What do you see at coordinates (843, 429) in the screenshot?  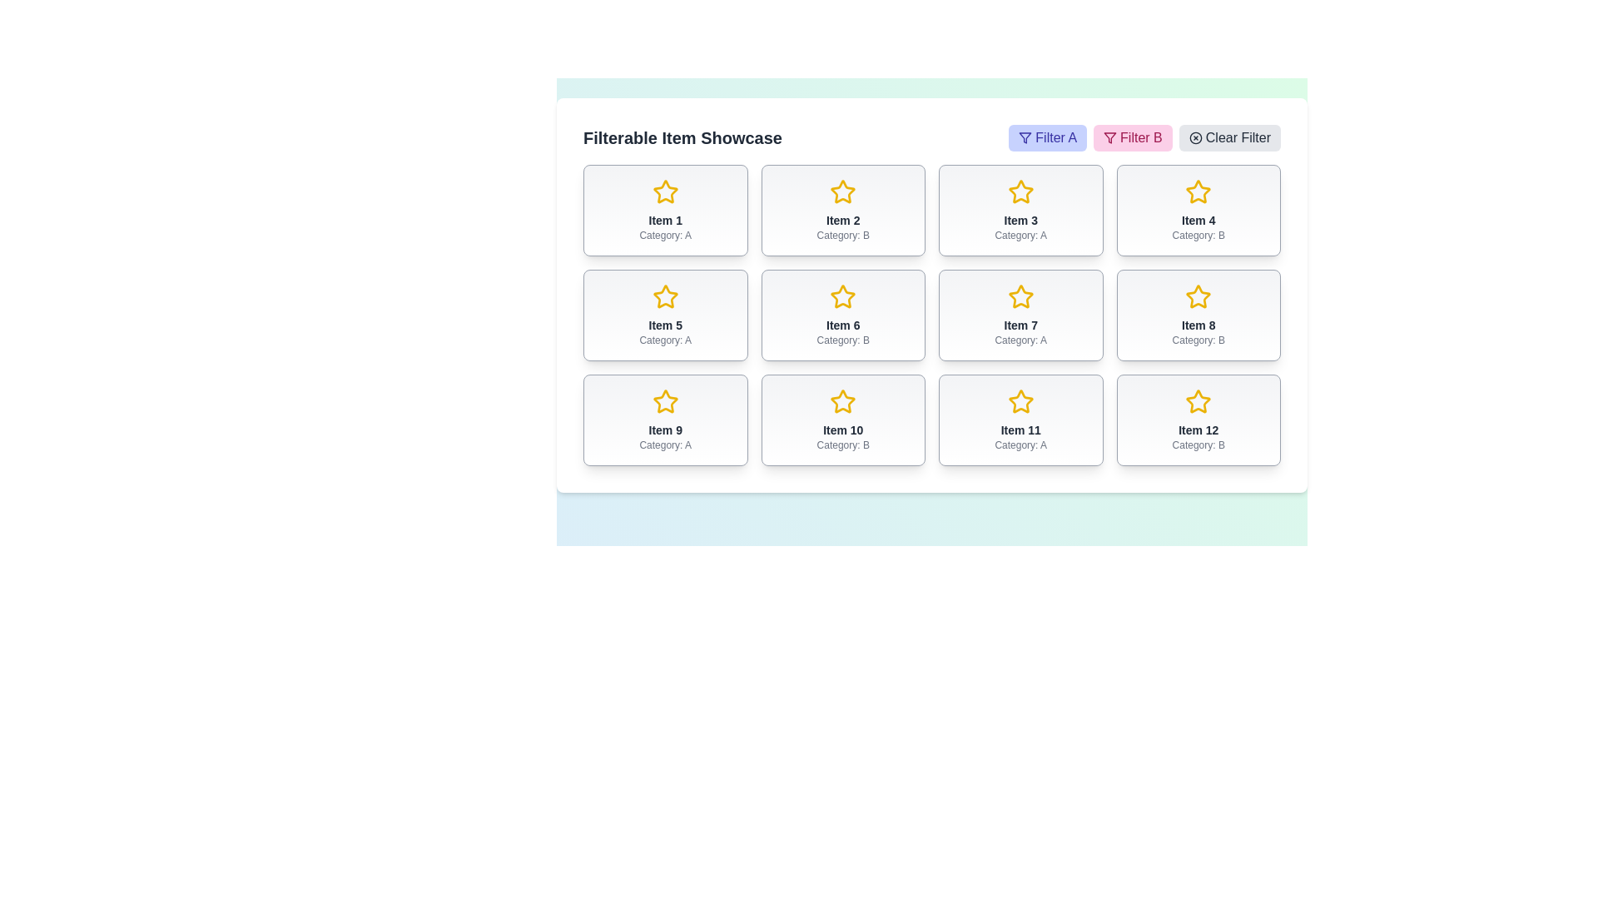 I see `the text label 'Item 10' which is styled in a small font with bold, centered, dark gray text, located within a bordered and rounded card in the bottom center of the grid interface` at bounding box center [843, 429].